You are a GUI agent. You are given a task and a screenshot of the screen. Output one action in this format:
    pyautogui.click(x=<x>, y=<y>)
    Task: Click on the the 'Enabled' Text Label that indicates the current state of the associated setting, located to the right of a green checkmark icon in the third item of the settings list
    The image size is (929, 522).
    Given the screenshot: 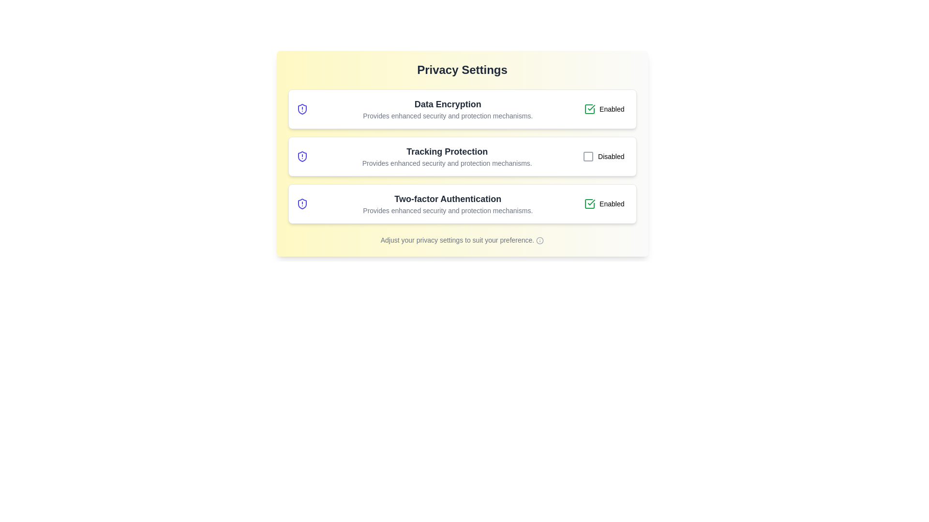 What is the action you would take?
    pyautogui.click(x=611, y=203)
    